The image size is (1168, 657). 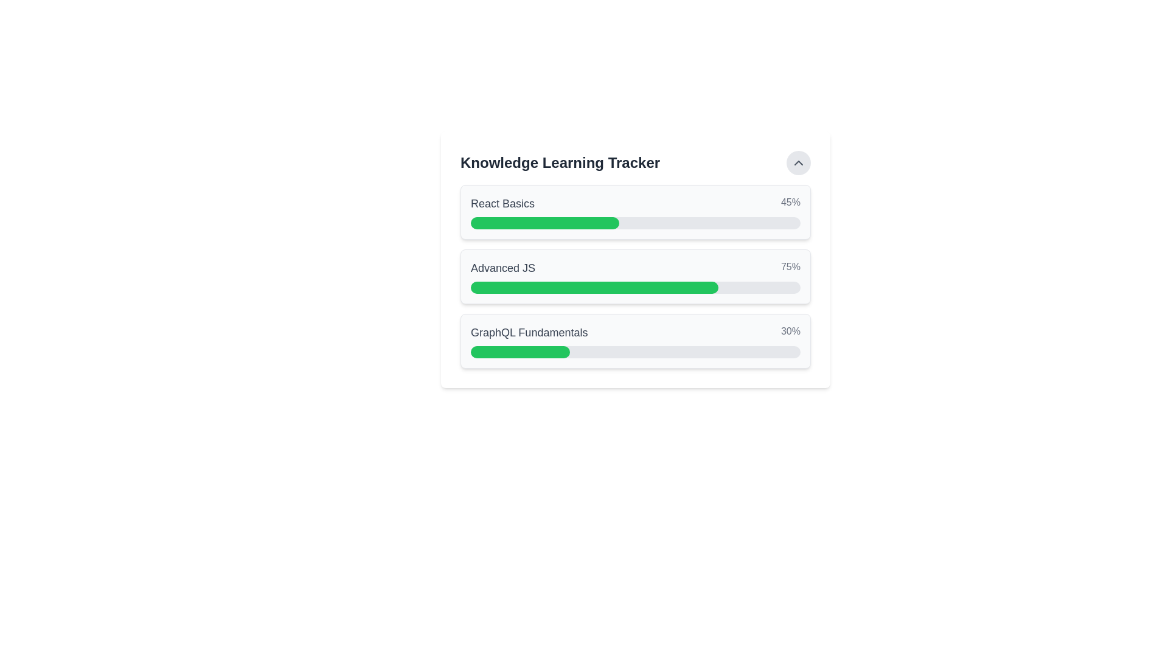 What do you see at coordinates (799, 162) in the screenshot?
I see `the upward-pointing chevron icon styled with a gray color and thin border strokes, which is positioned within a circular button near the top-right corner of the interface adjacent to the title 'Knowledge Learning Tracker'` at bounding box center [799, 162].